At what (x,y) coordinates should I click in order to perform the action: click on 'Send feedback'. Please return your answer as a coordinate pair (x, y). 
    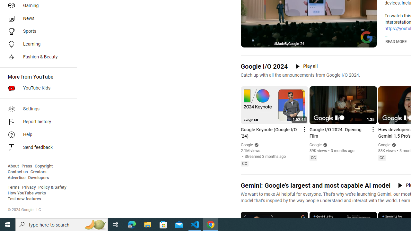
    Looking at the image, I should click on (36, 148).